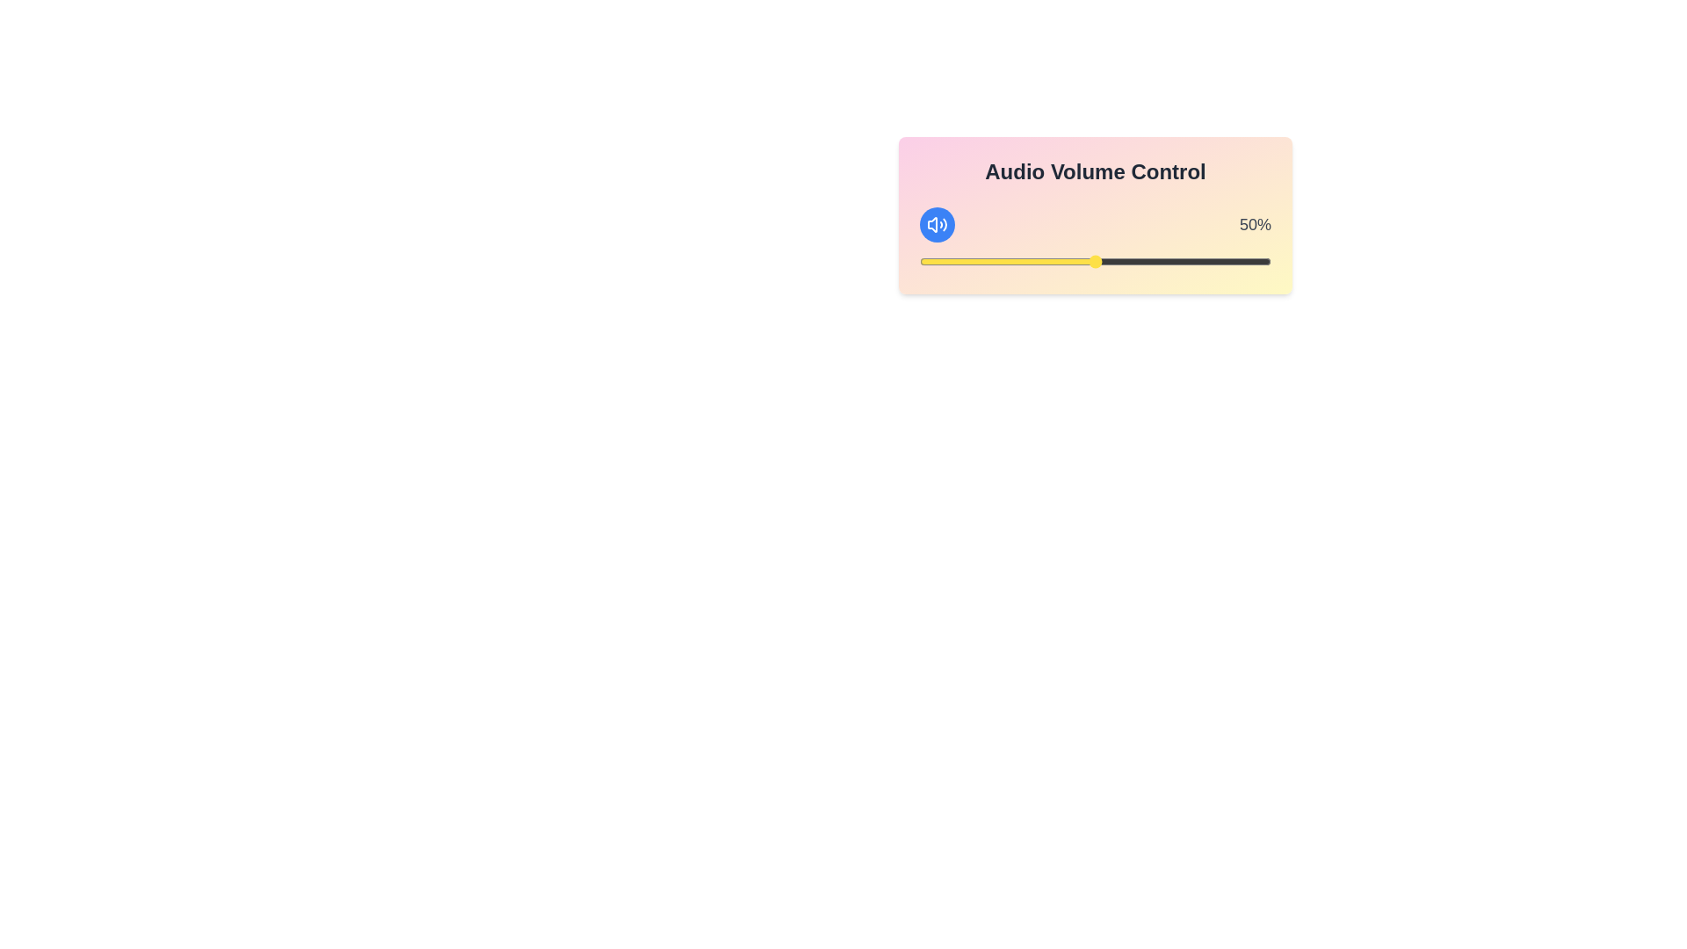 This screenshot has height=949, width=1687. What do you see at coordinates (1126, 261) in the screenshot?
I see `the volume to 59% by dragging the slider` at bounding box center [1126, 261].